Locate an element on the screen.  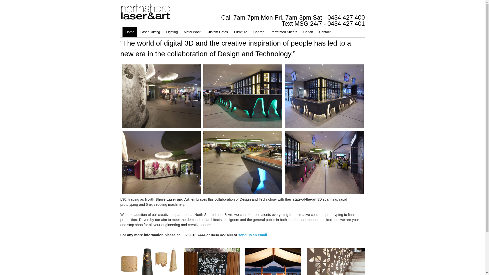
'Furniture' is located at coordinates (240, 32).